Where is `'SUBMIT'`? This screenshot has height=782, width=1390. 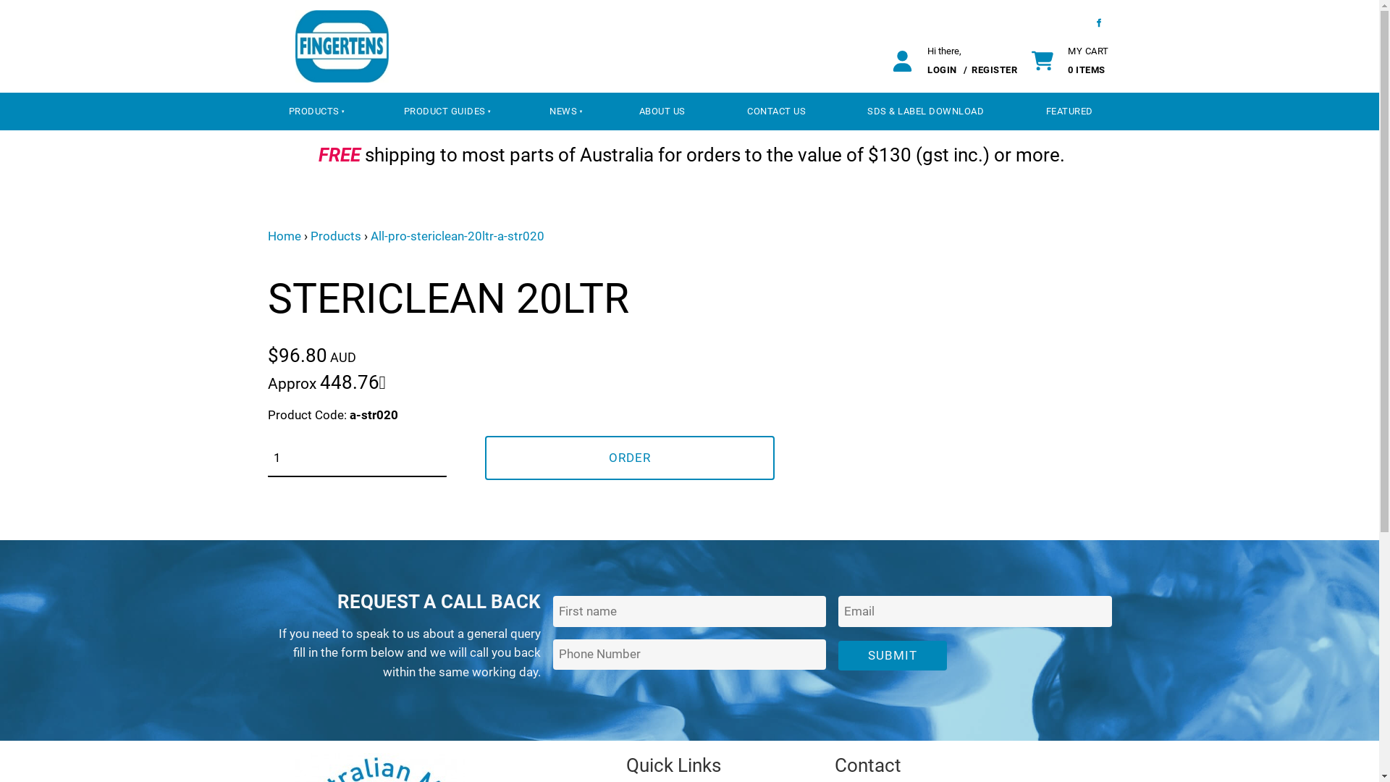 'SUBMIT' is located at coordinates (892, 656).